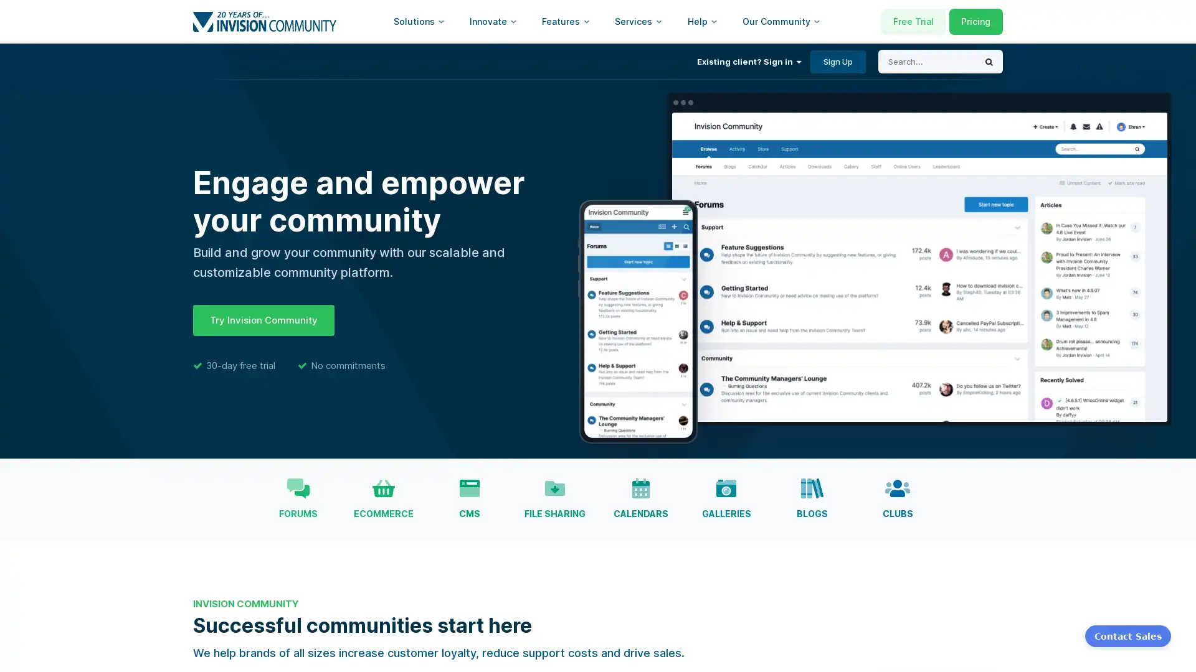  What do you see at coordinates (638, 21) in the screenshot?
I see `Services` at bounding box center [638, 21].